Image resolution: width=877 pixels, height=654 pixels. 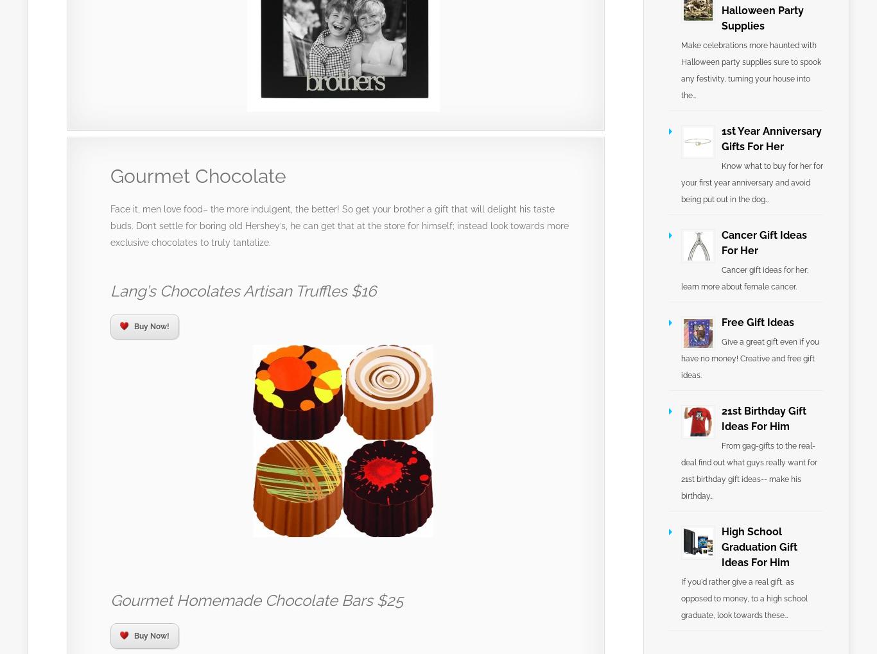 I want to click on 'Face it, men love food– the more indulgent, the better! So get your brother a gift that will delight his taste buds. Don’t settle for boring old Hershey’s, he can get that at the store for himself; instead look towards more exclusive chocolates to truly tantalize.', so click(x=340, y=225).